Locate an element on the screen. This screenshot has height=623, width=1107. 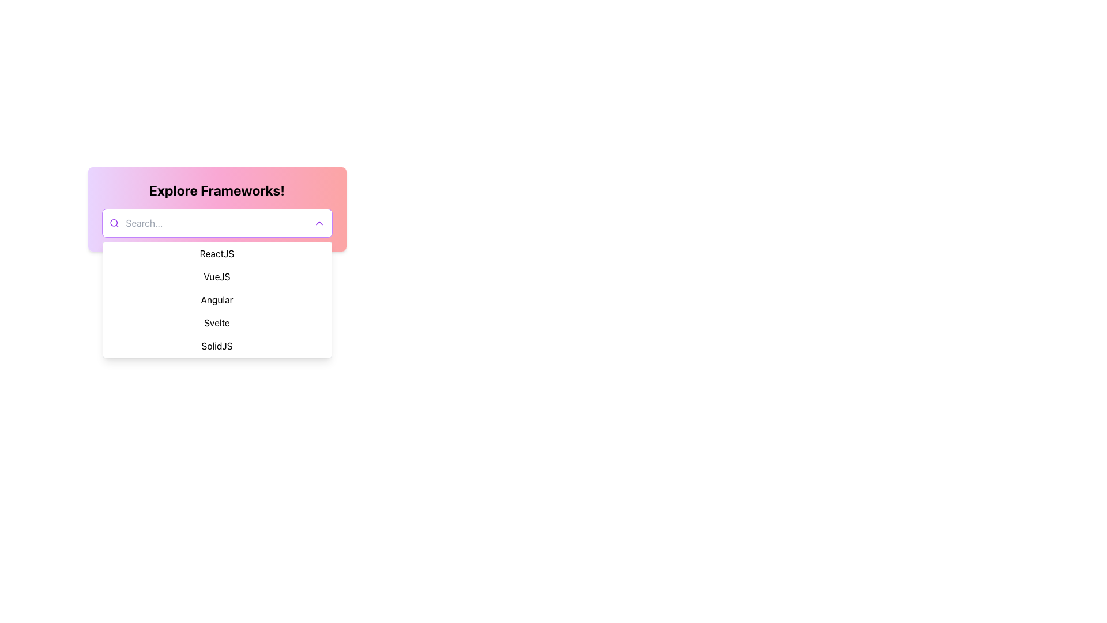
to select the 'VueJS' option from the menu list, which is the second item beneath 'ReactJS' is located at coordinates (217, 276).